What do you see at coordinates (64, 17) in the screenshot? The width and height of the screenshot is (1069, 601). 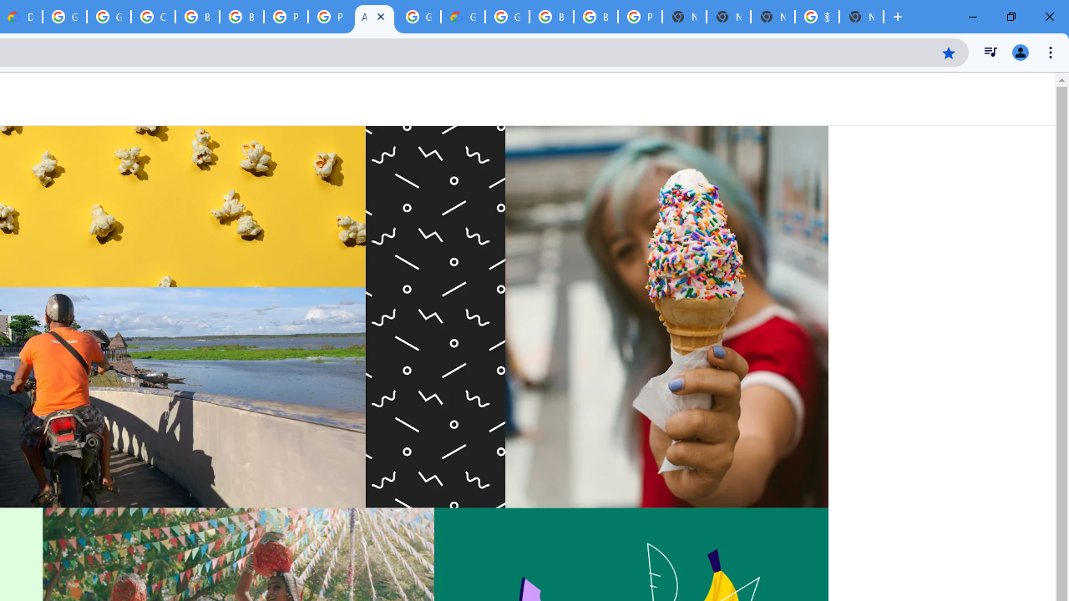 I see `'Google Cloud Platform'` at bounding box center [64, 17].